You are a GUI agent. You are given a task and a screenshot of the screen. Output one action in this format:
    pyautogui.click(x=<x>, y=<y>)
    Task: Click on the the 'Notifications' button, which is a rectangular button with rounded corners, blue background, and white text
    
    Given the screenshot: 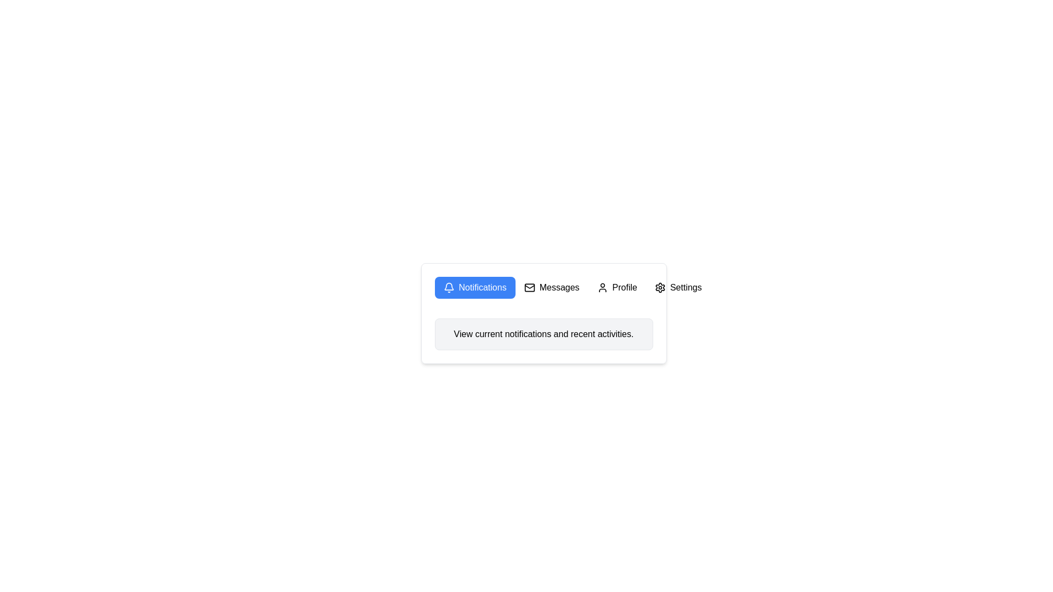 What is the action you would take?
    pyautogui.click(x=475, y=287)
    